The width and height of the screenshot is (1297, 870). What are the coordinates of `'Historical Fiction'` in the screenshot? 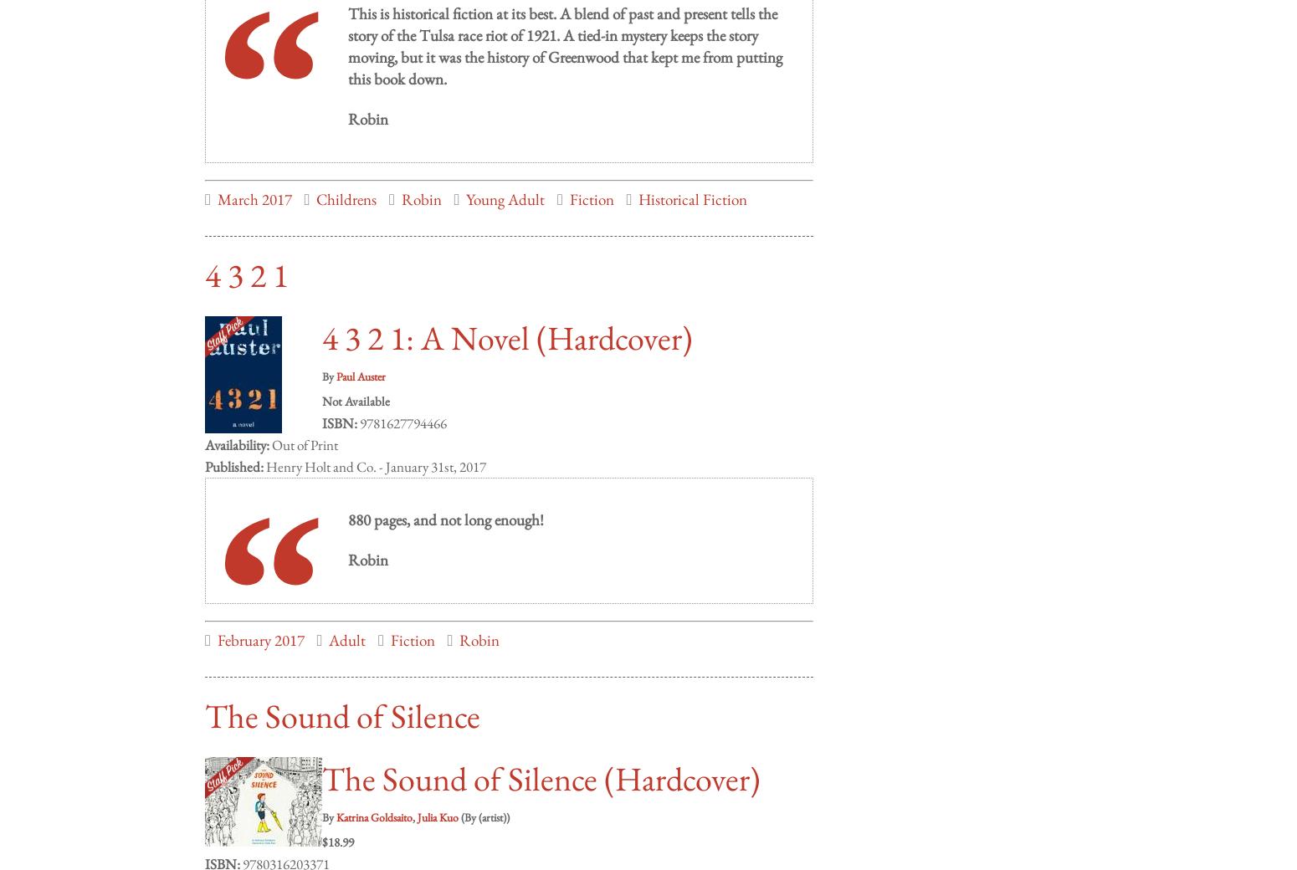 It's located at (692, 182).